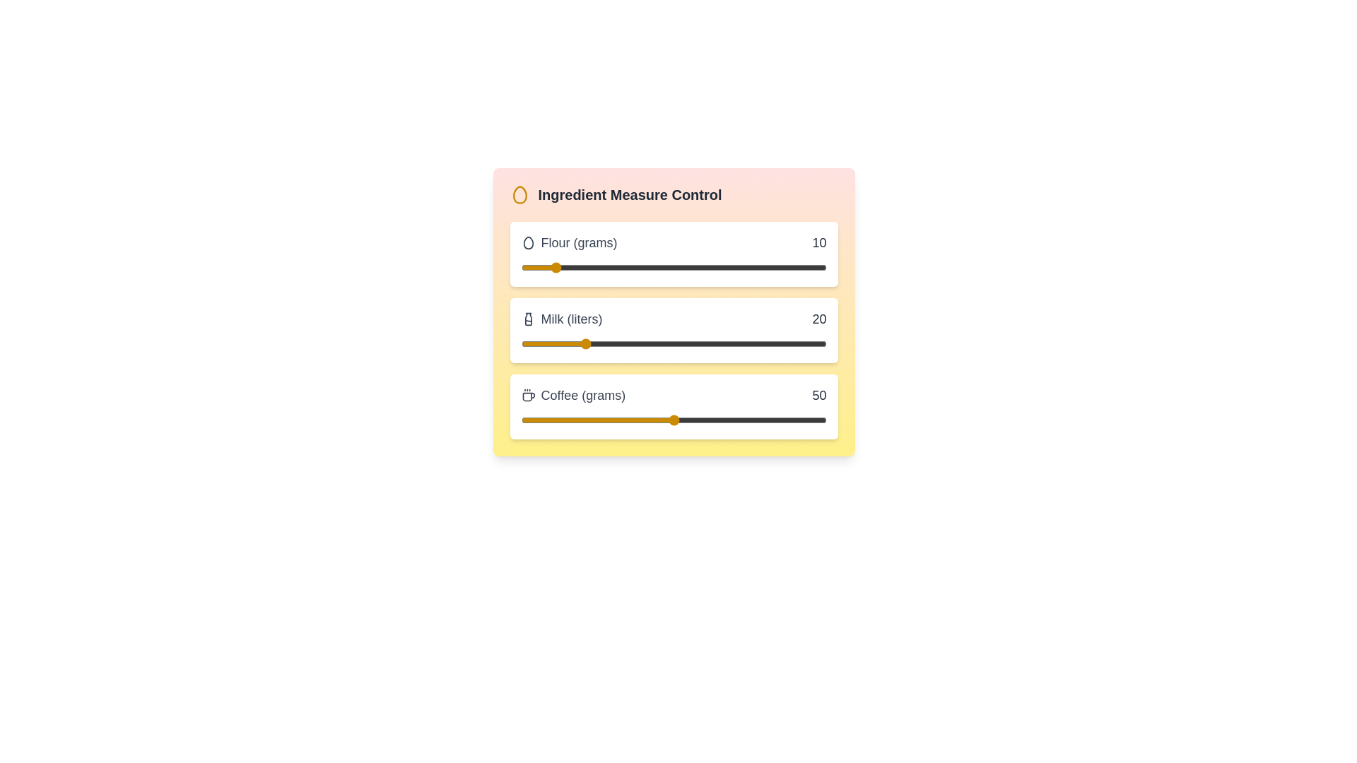  I want to click on the milk quantity, so click(716, 343).